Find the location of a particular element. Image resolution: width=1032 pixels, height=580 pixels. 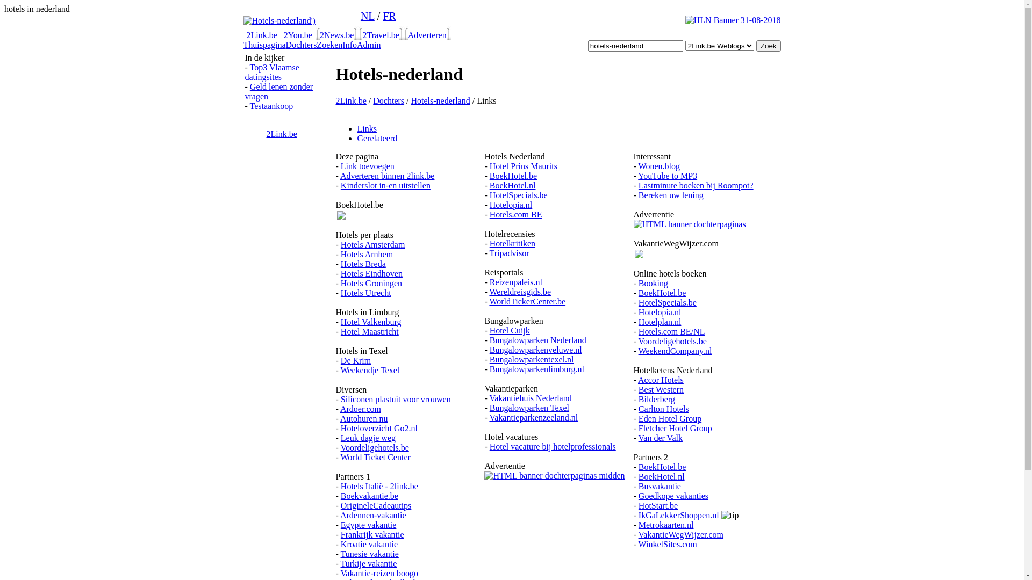

'Hotelkritiken' is located at coordinates (512, 243).